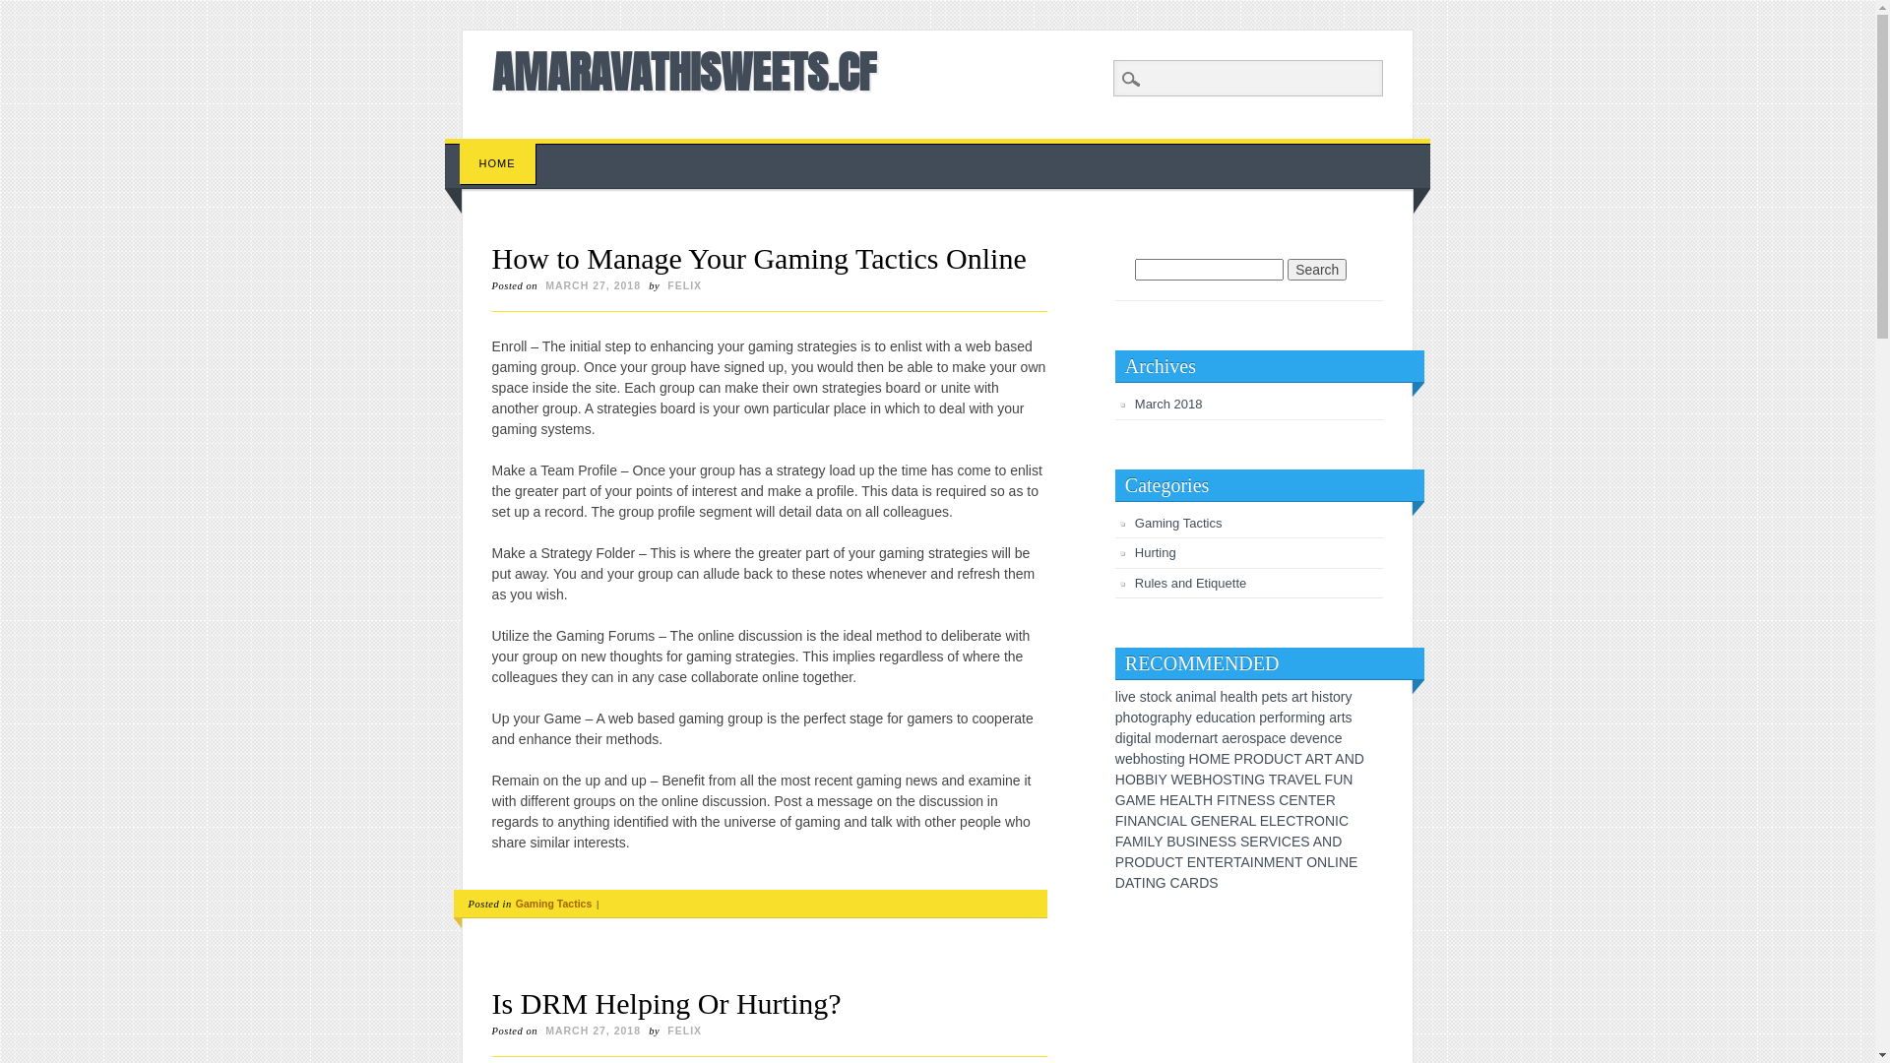 This screenshot has height=1063, width=1890. I want to click on 'AMARAVATHISWEETS.CF', so click(684, 71).